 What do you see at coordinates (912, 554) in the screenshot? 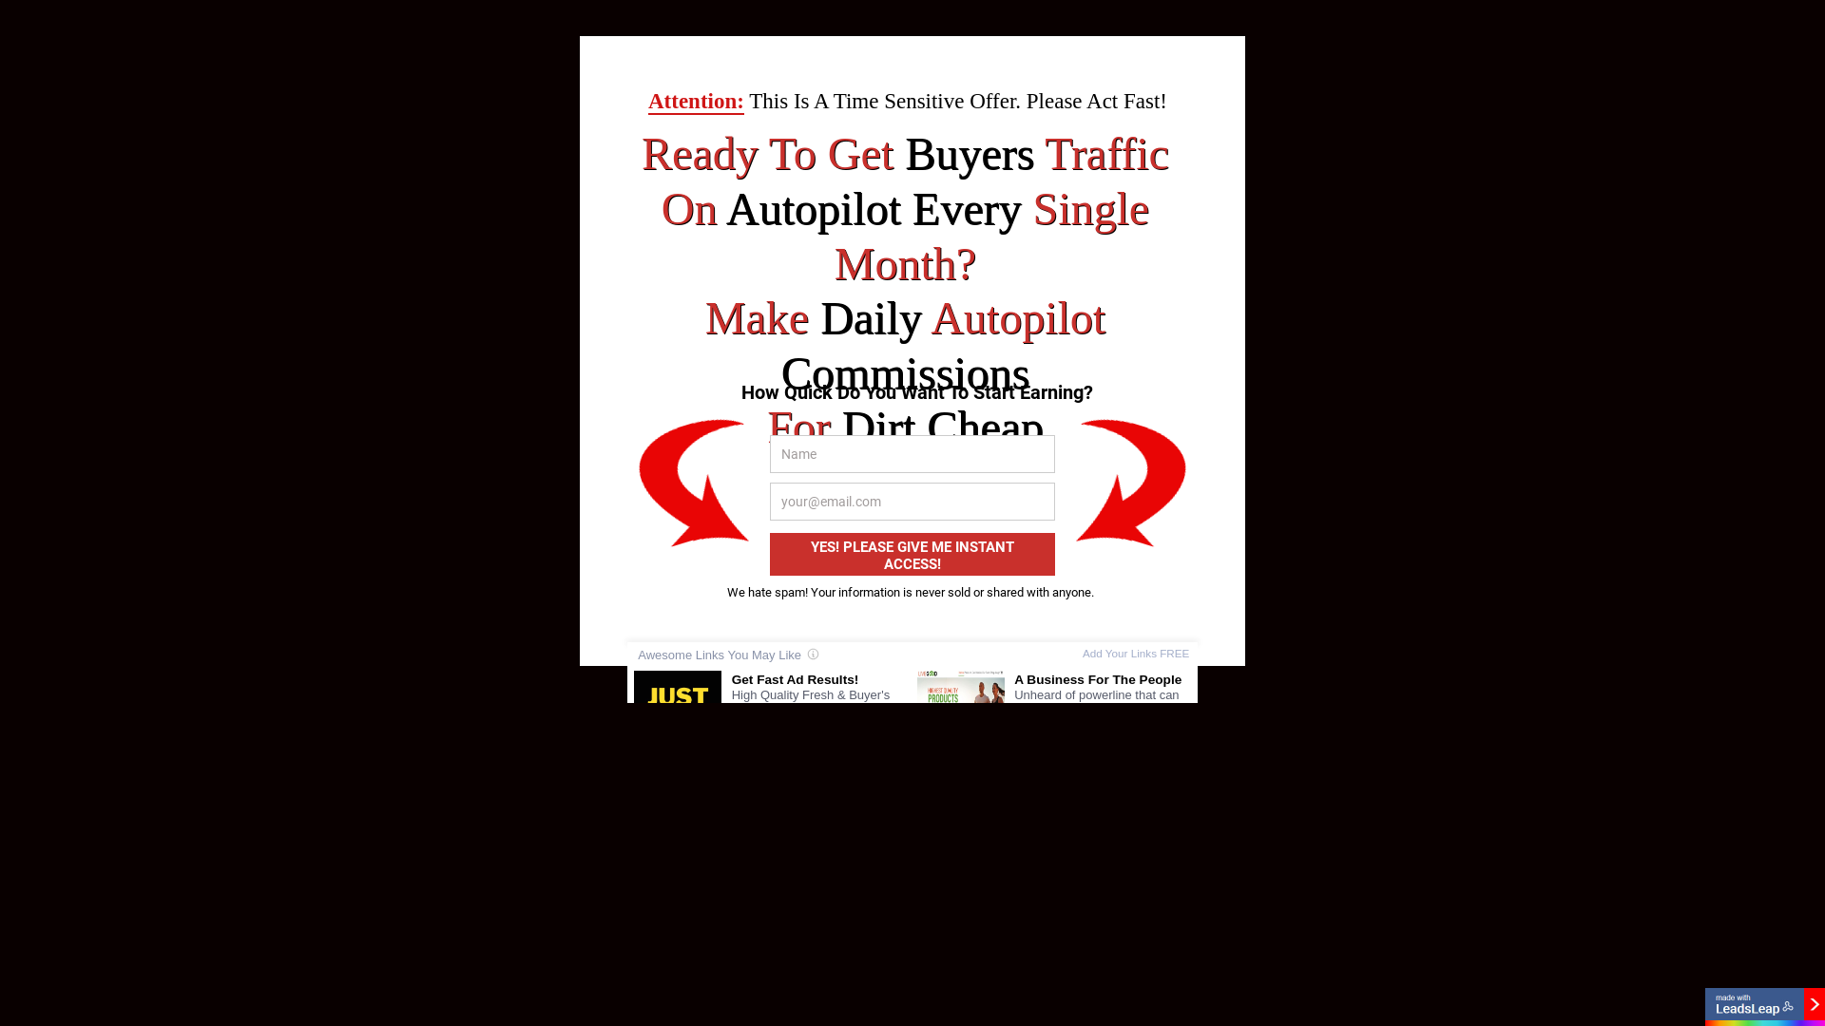
I see `'YES! PLEASE GIVE ME INSTANT` at bounding box center [912, 554].